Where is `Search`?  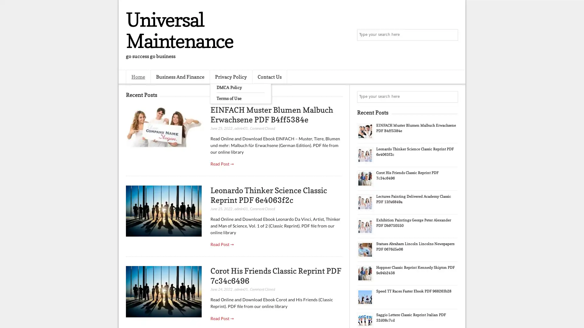 Search is located at coordinates (452, 97).